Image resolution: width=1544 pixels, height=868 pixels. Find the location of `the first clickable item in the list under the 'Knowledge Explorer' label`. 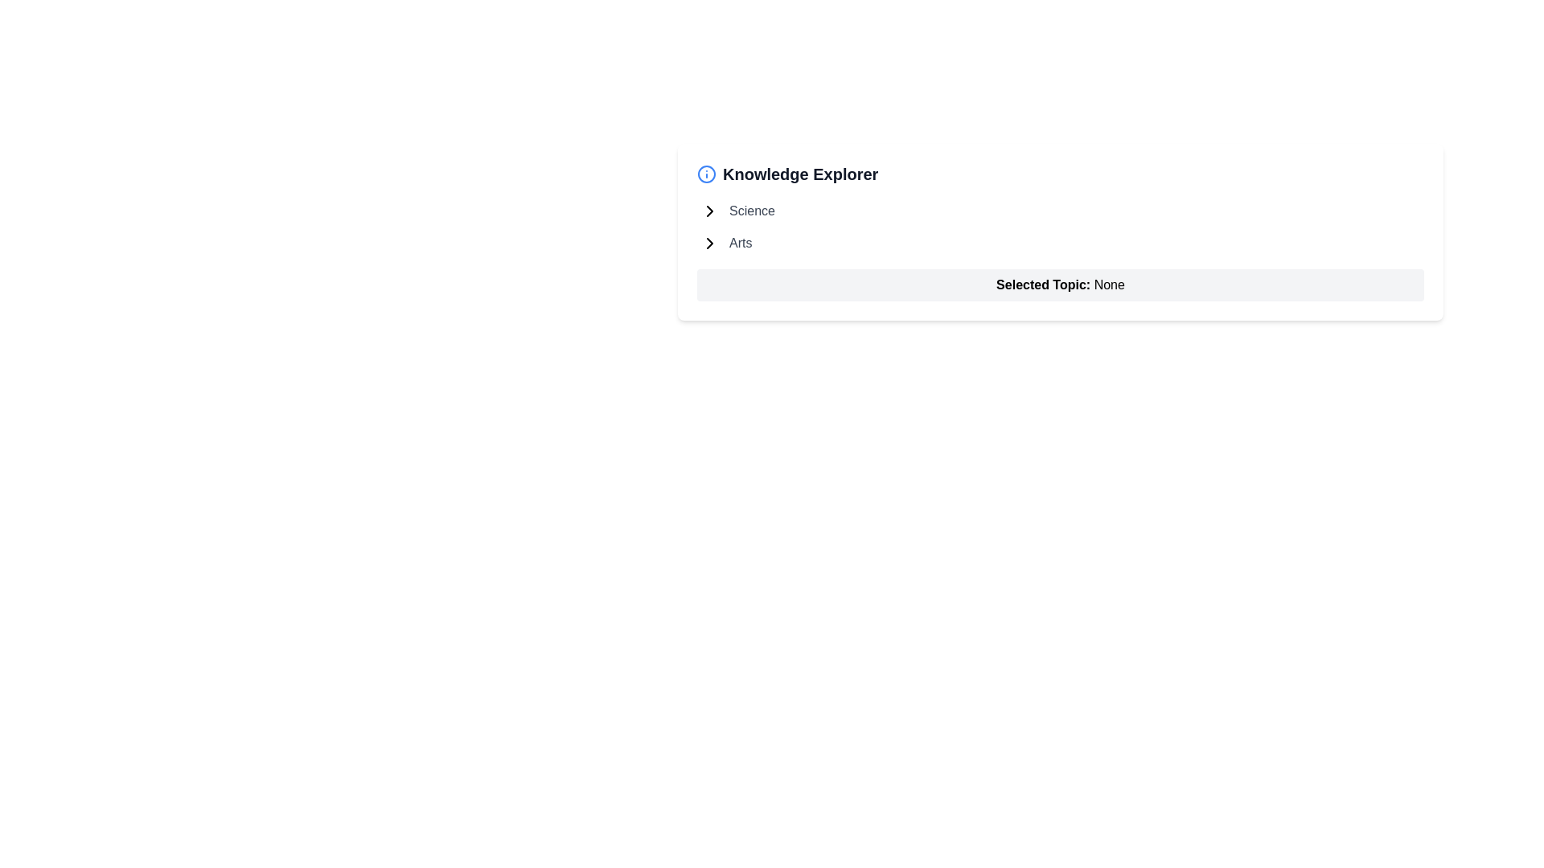

the first clickable item in the list under the 'Knowledge Explorer' label is located at coordinates (751, 210).